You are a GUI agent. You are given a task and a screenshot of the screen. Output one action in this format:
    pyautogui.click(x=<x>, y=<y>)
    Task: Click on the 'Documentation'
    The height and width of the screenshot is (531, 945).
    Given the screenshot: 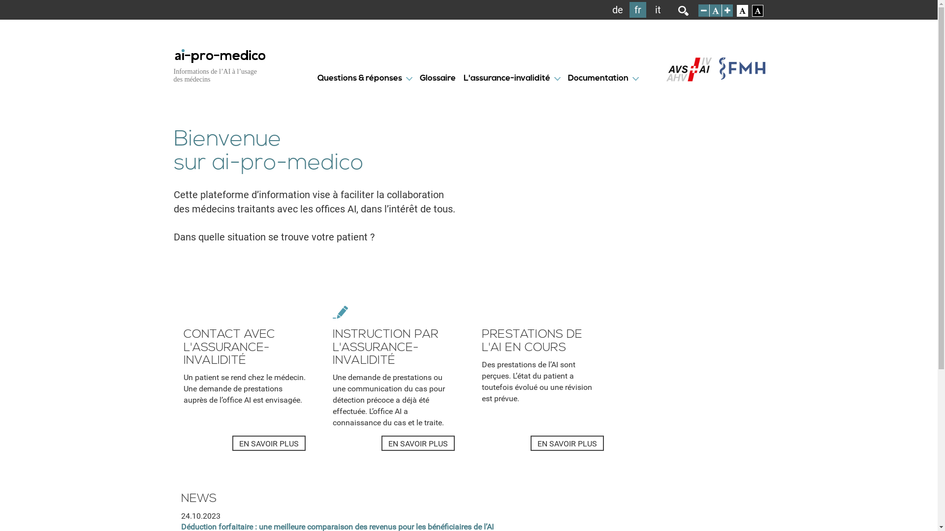 What is the action you would take?
    pyautogui.click(x=598, y=78)
    